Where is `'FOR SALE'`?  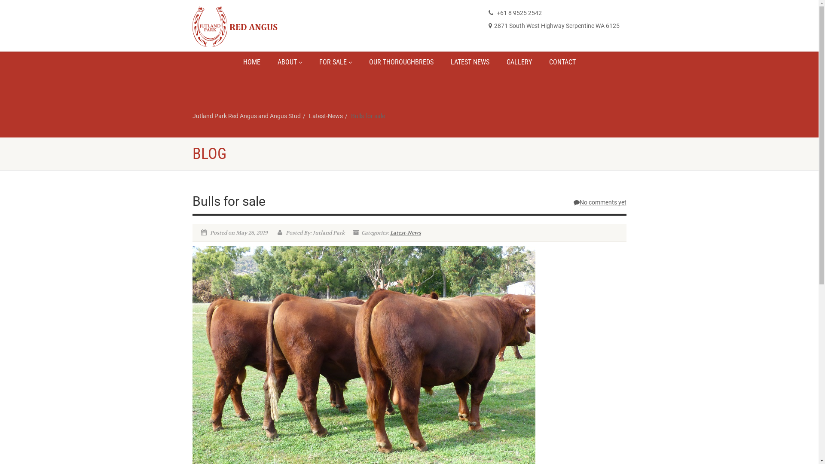 'FOR SALE' is located at coordinates (309, 62).